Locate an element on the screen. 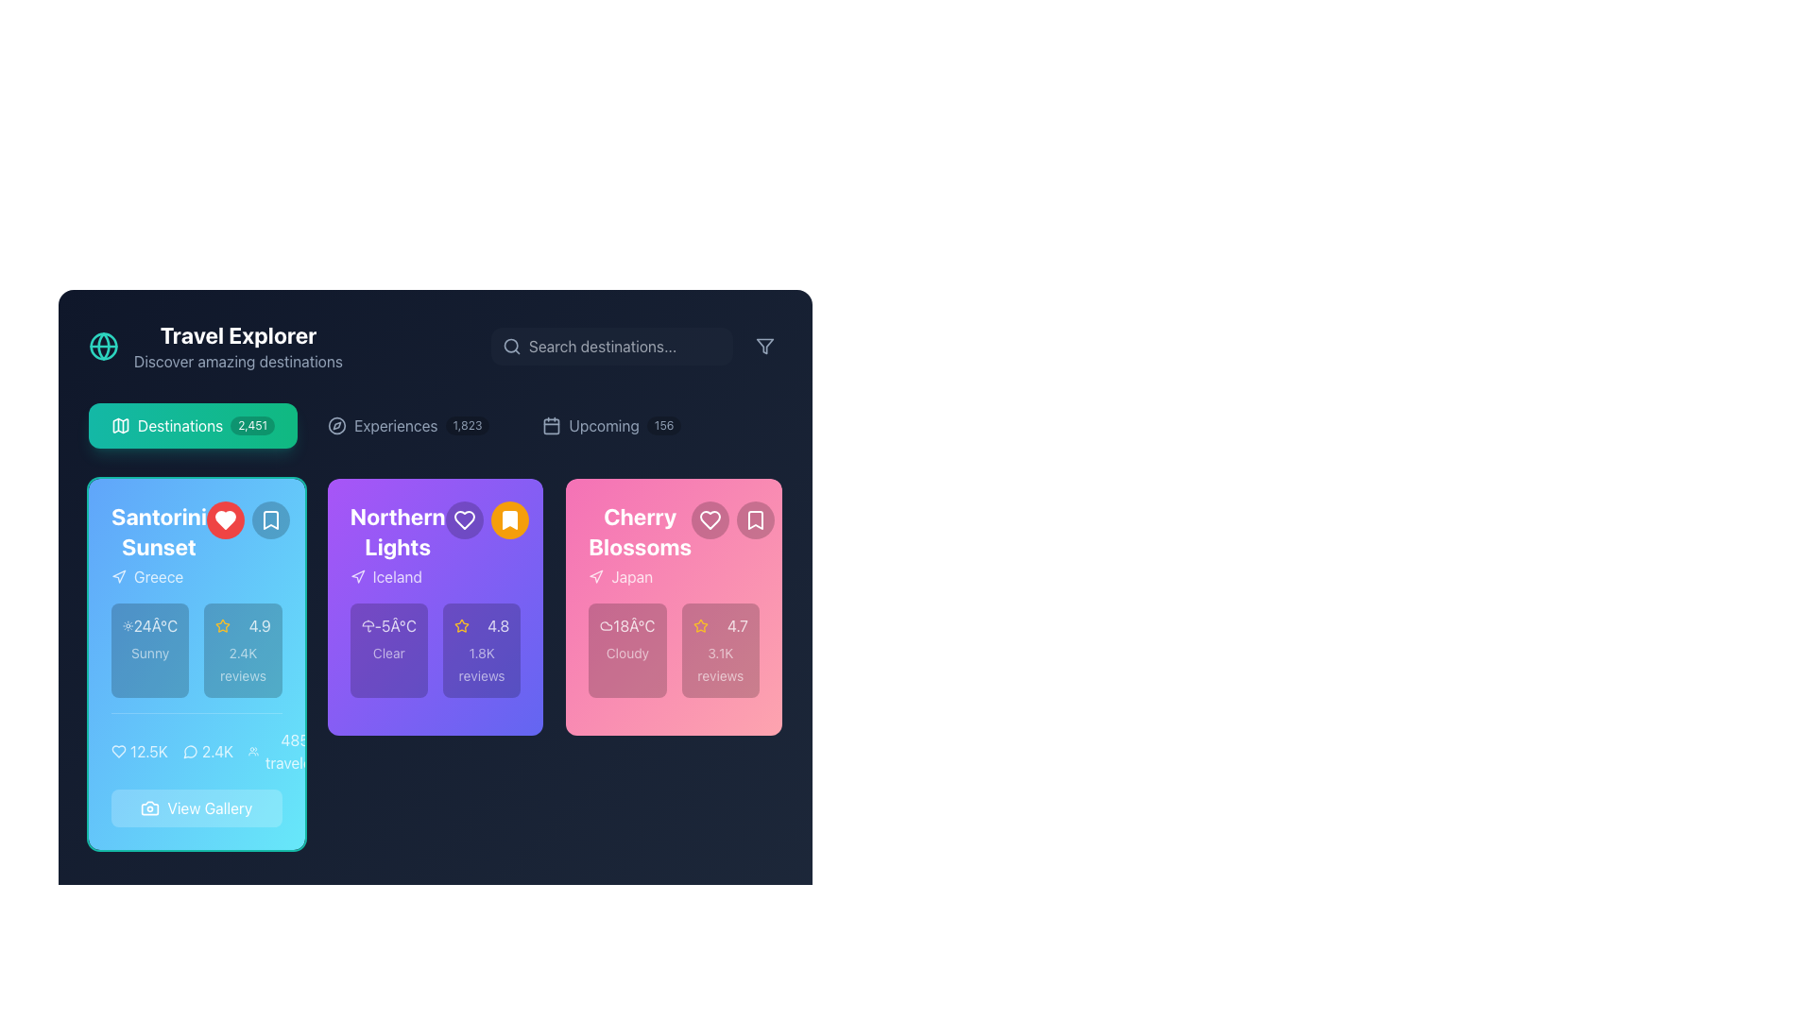 Image resolution: width=1814 pixels, height=1020 pixels. the star icon indicating ratings or reviews in the 'Northern Lights' card, which is centrally positioned in the rating section is located at coordinates (462, 625).